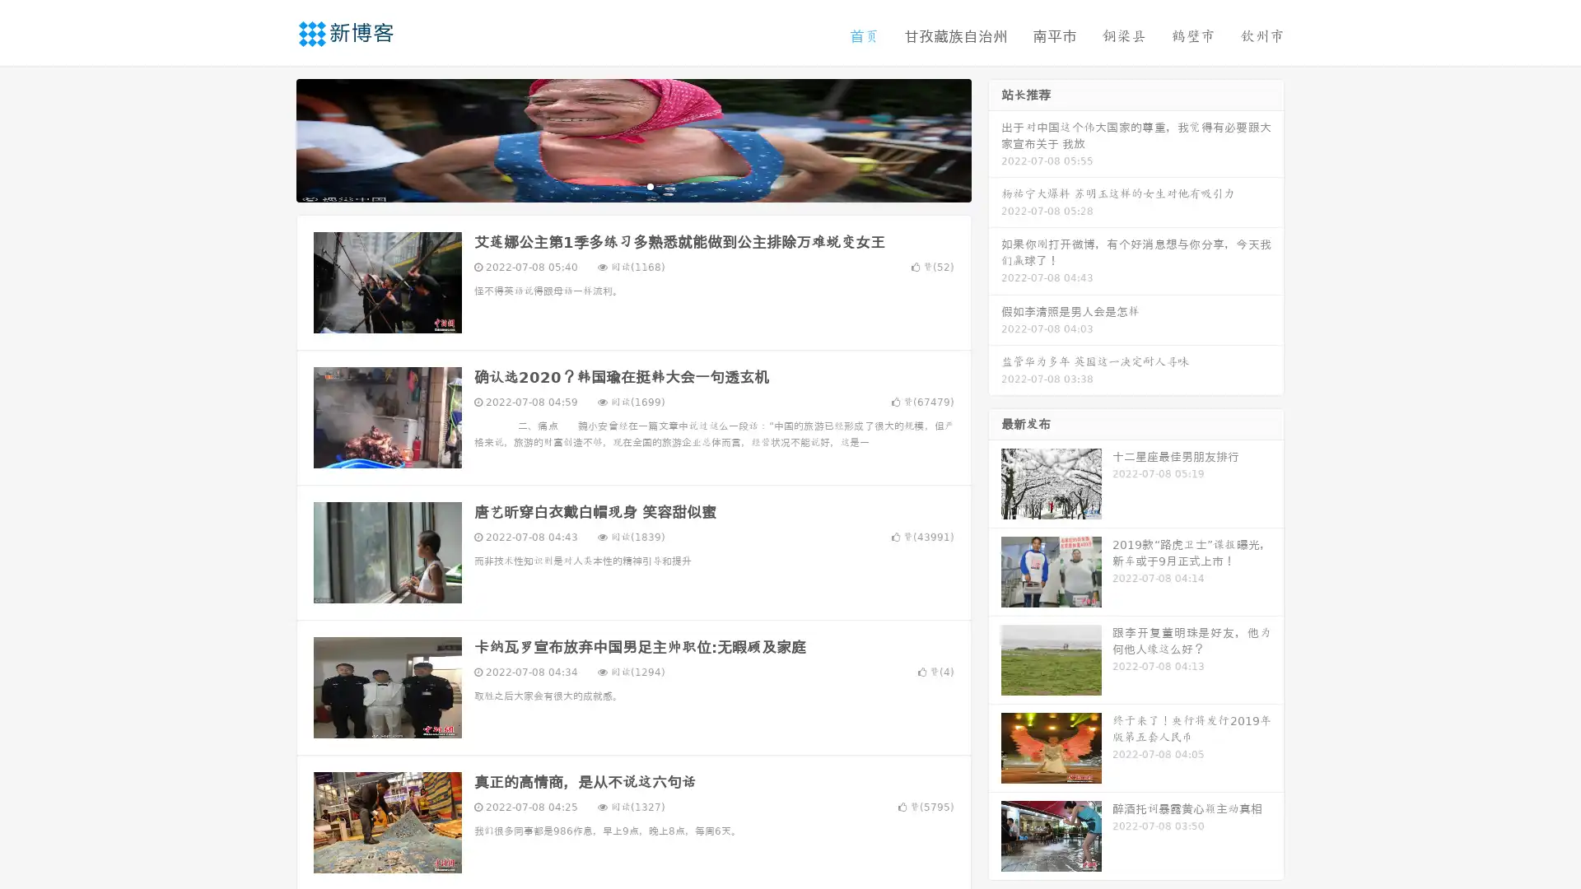 The width and height of the screenshot is (1581, 889). I want to click on Previous slide, so click(272, 138).